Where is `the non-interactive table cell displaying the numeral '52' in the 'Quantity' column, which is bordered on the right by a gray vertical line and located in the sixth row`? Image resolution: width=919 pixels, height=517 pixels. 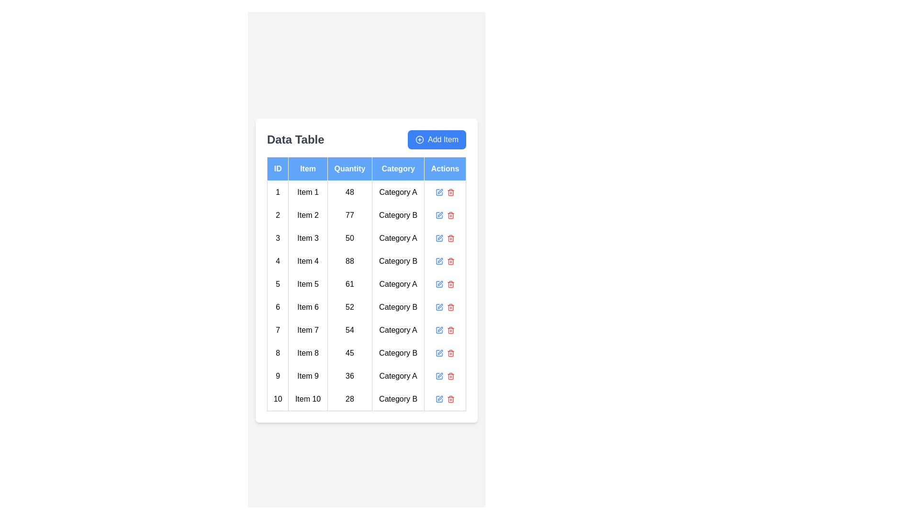
the non-interactive table cell displaying the numeral '52' in the 'Quantity' column, which is bordered on the right by a gray vertical line and located in the sixth row is located at coordinates (349, 307).